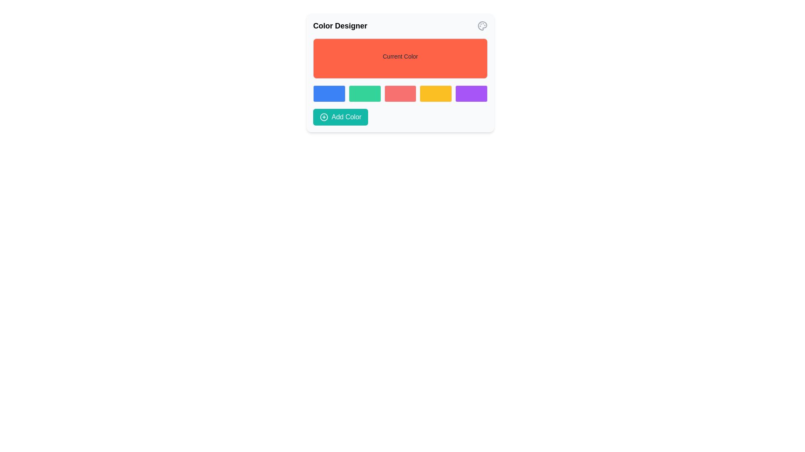 Image resolution: width=805 pixels, height=452 pixels. Describe the element at coordinates (436, 93) in the screenshot. I see `the fourth button in a horizontal grid of five buttons` at that location.